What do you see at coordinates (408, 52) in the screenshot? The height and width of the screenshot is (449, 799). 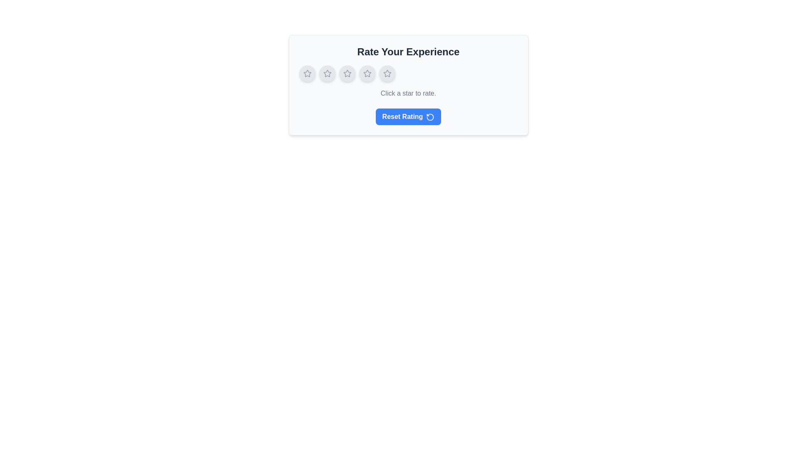 I see `the centrally positioned Text Header that prompts the user to rate their experience` at bounding box center [408, 52].